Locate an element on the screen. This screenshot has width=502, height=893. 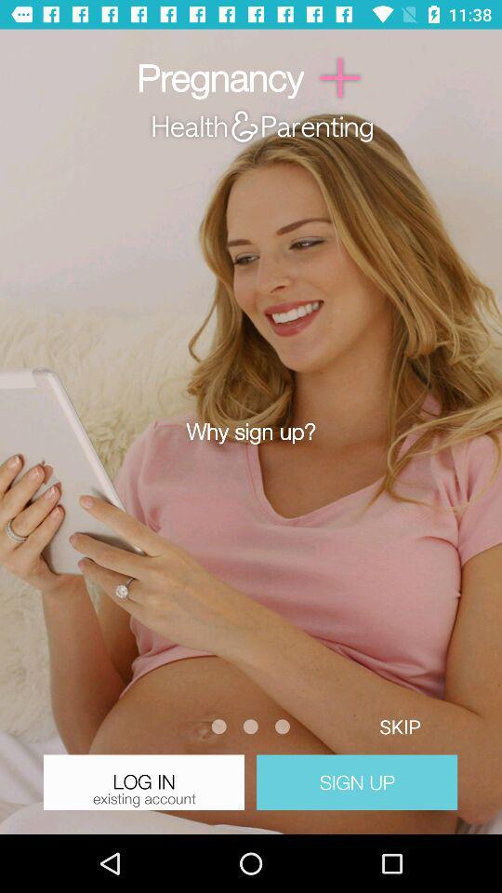
the skip is located at coordinates (399, 726).